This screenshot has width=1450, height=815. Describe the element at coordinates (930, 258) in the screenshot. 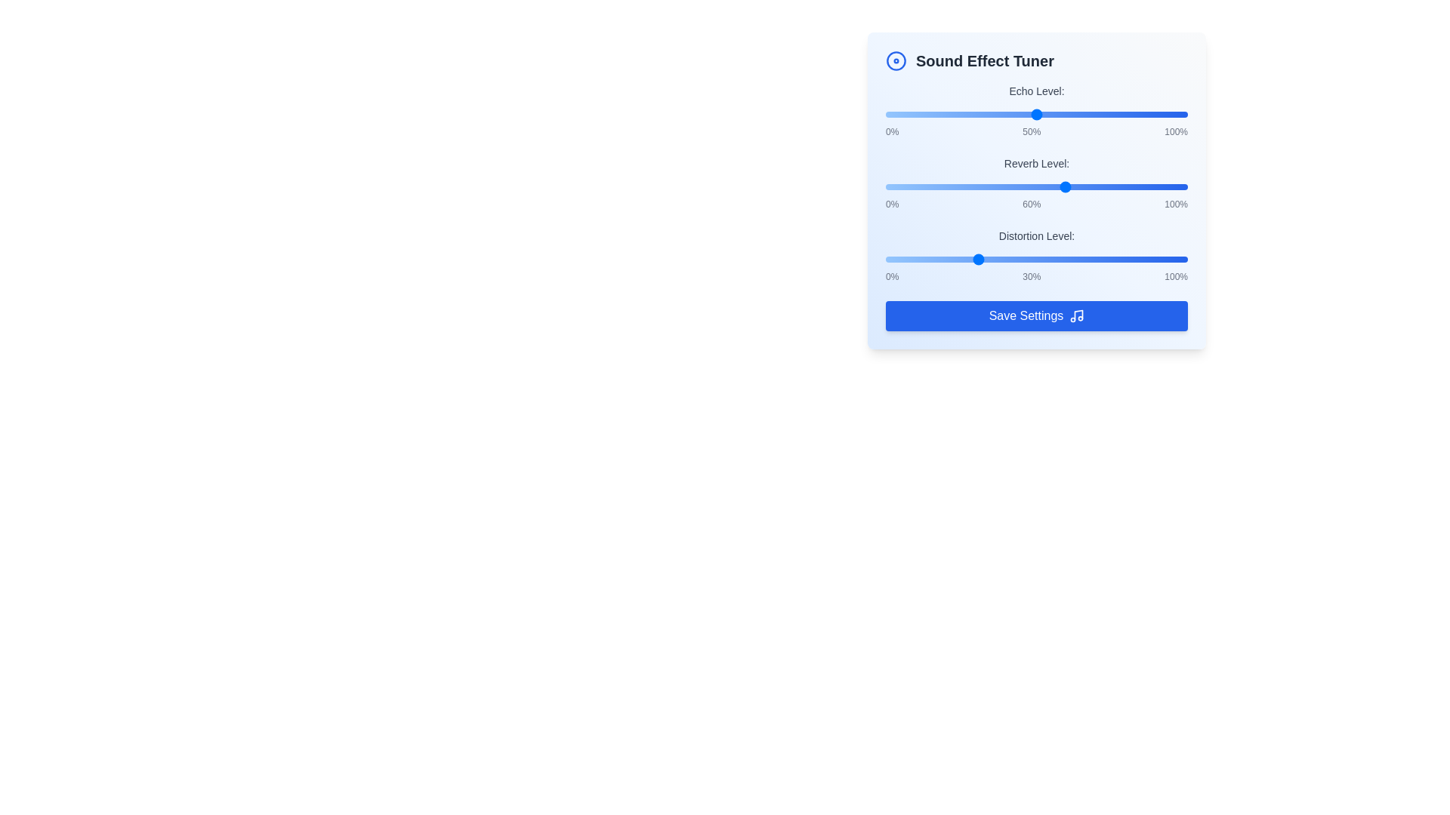

I see `the 'Distortion Level' slider to 15%` at that location.